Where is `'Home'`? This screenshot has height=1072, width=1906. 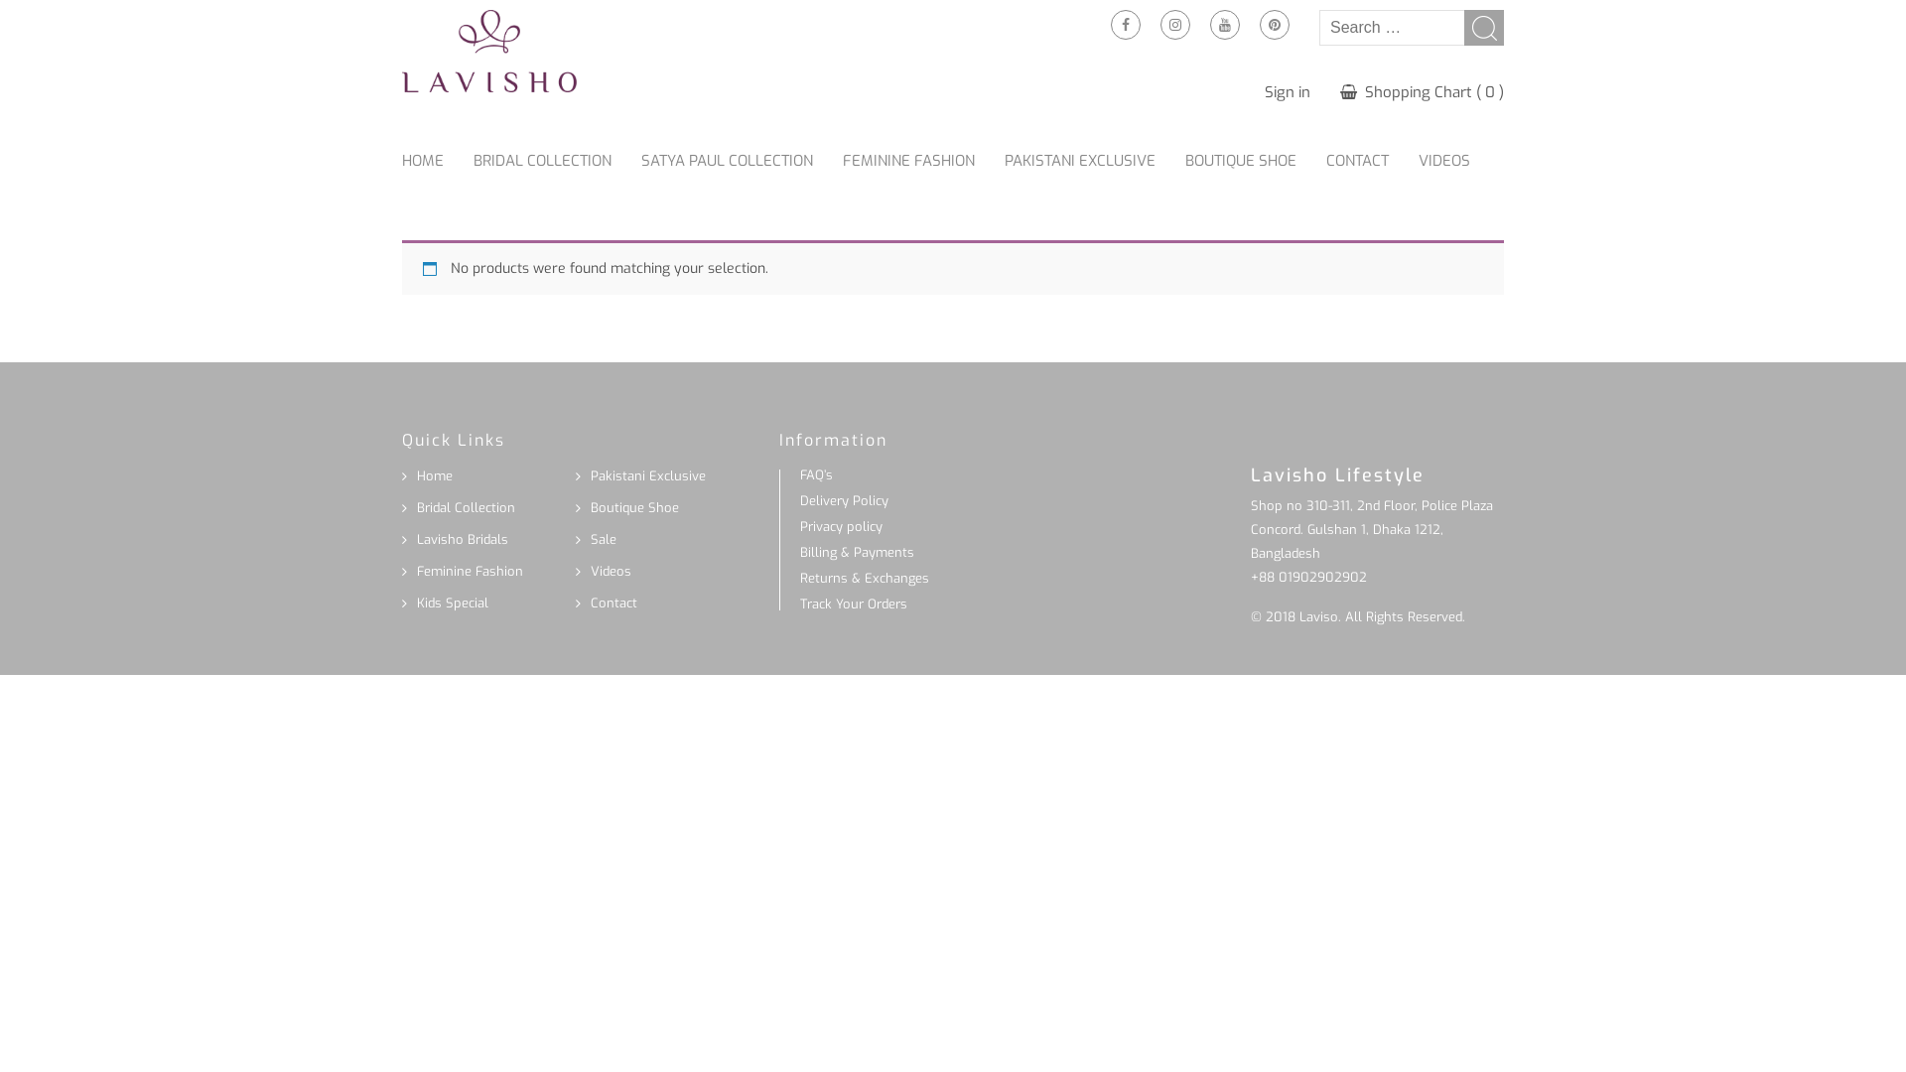
'Home' is located at coordinates (433, 475).